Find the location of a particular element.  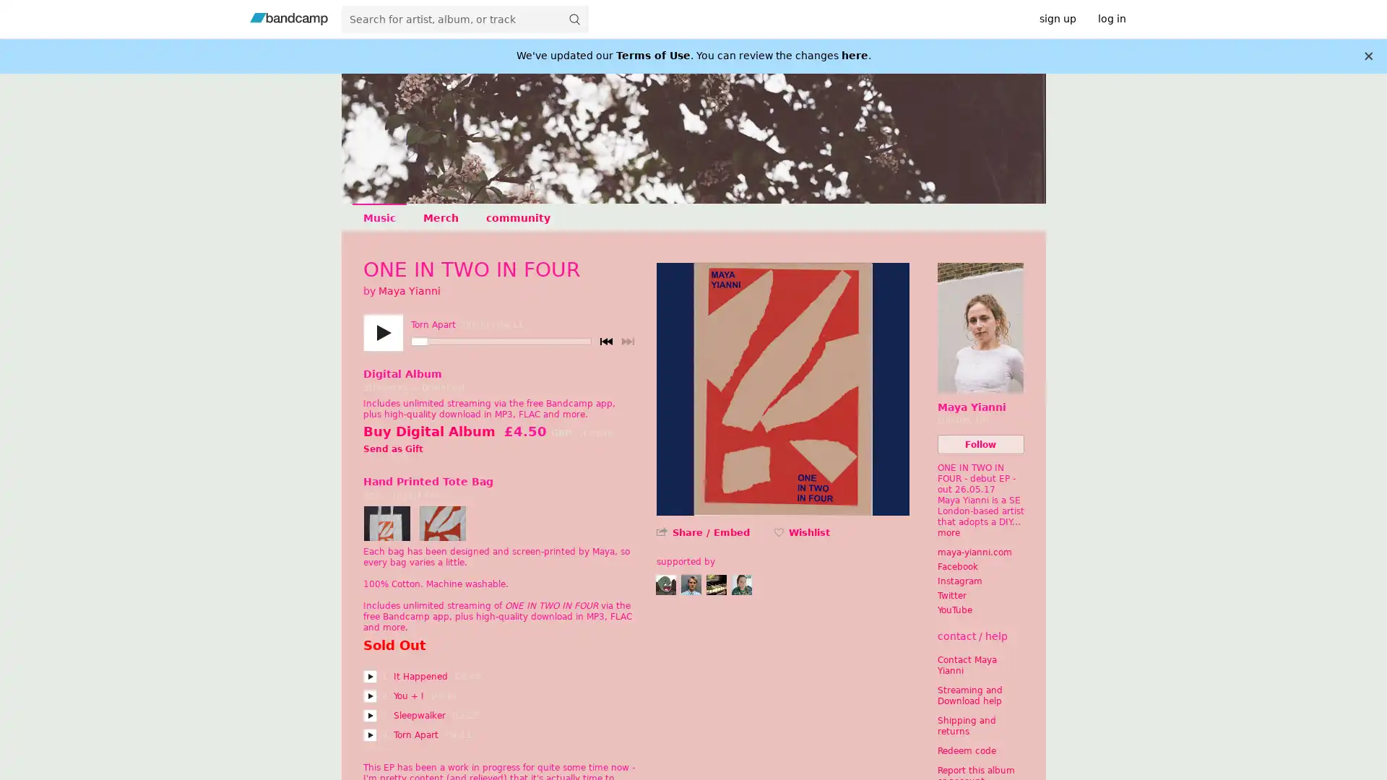

submit for full search page is located at coordinates (574, 19).